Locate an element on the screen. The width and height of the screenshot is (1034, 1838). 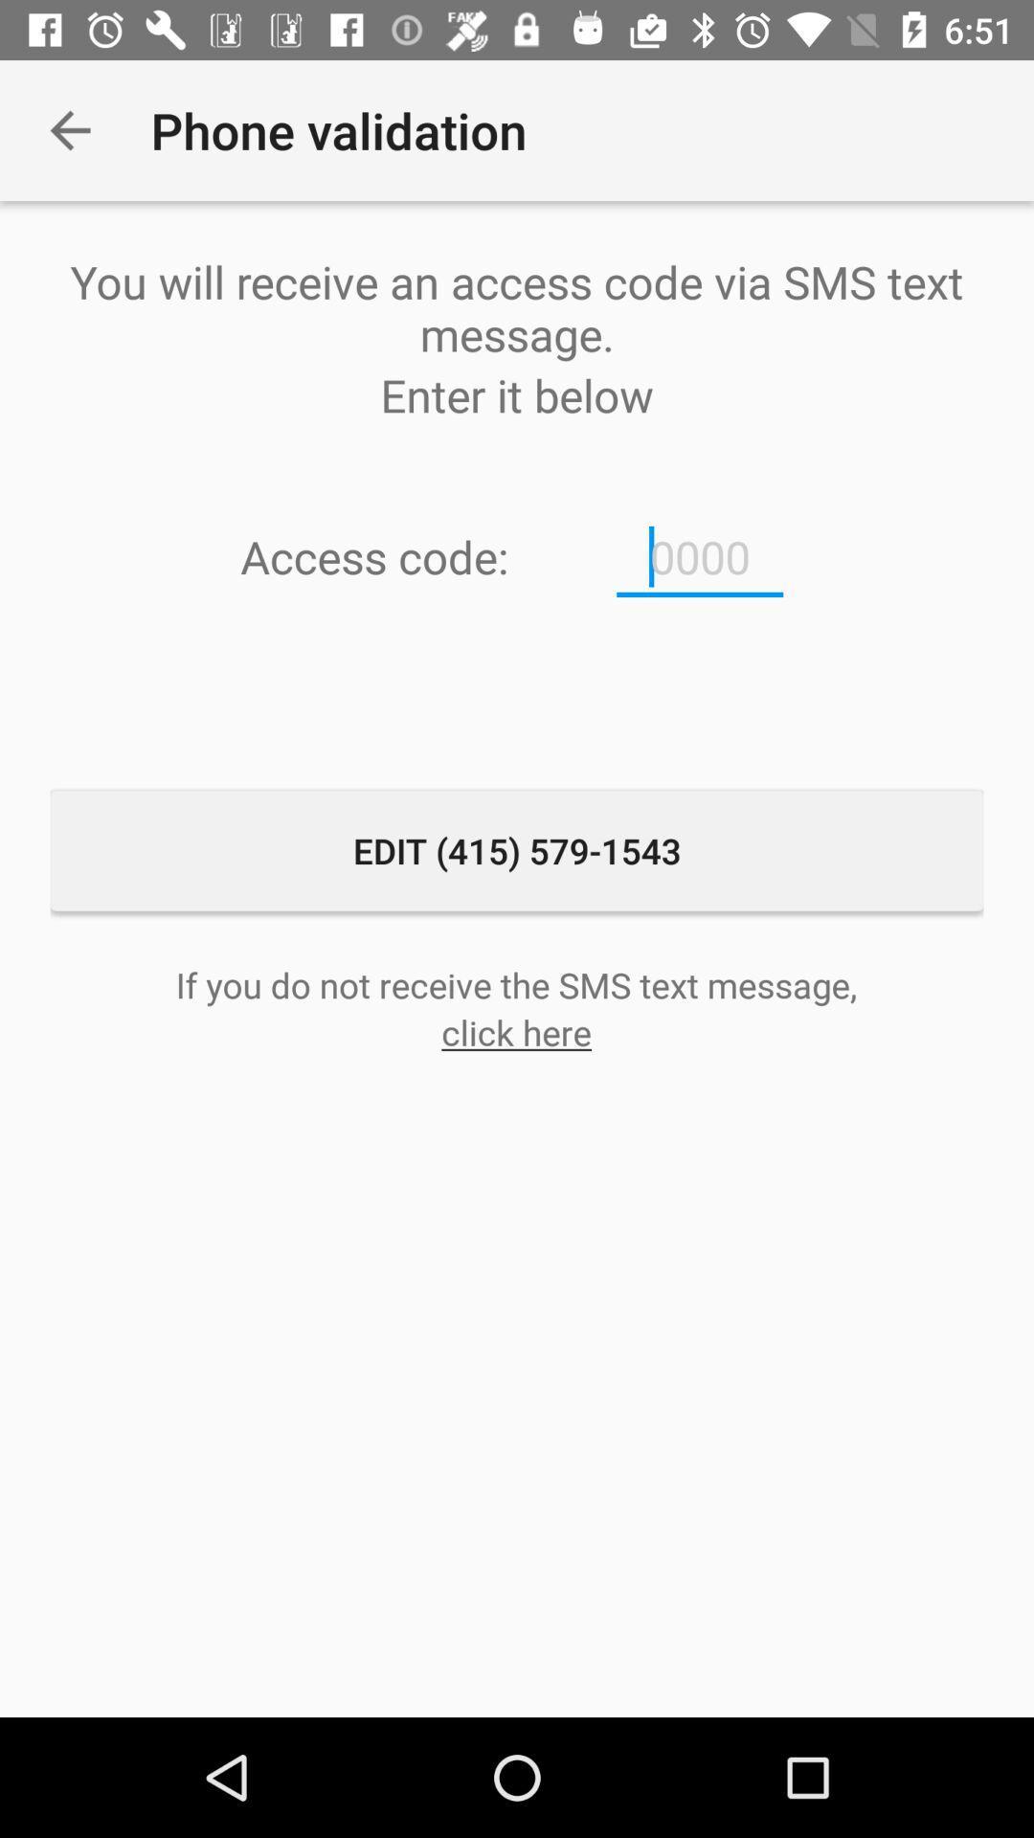
icon above the if you do icon is located at coordinates (517, 849).